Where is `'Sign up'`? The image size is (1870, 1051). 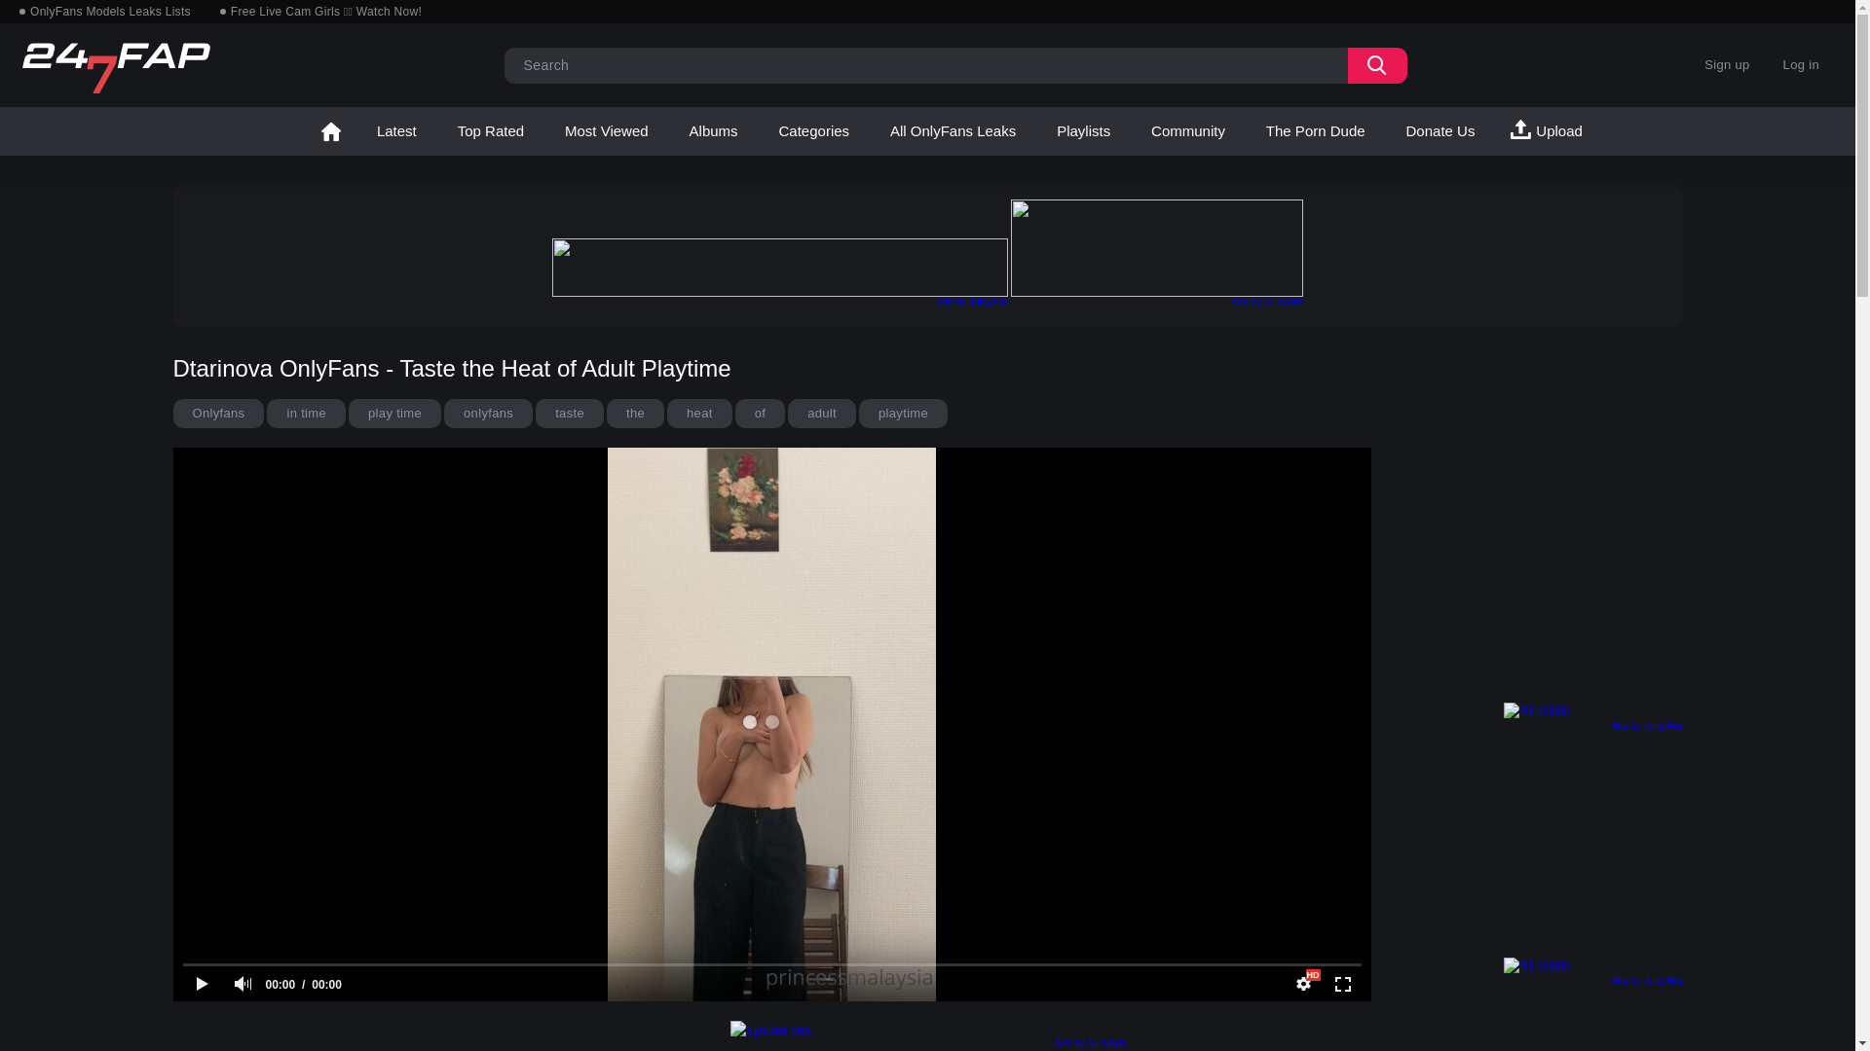
'Sign up' is located at coordinates (1726, 63).